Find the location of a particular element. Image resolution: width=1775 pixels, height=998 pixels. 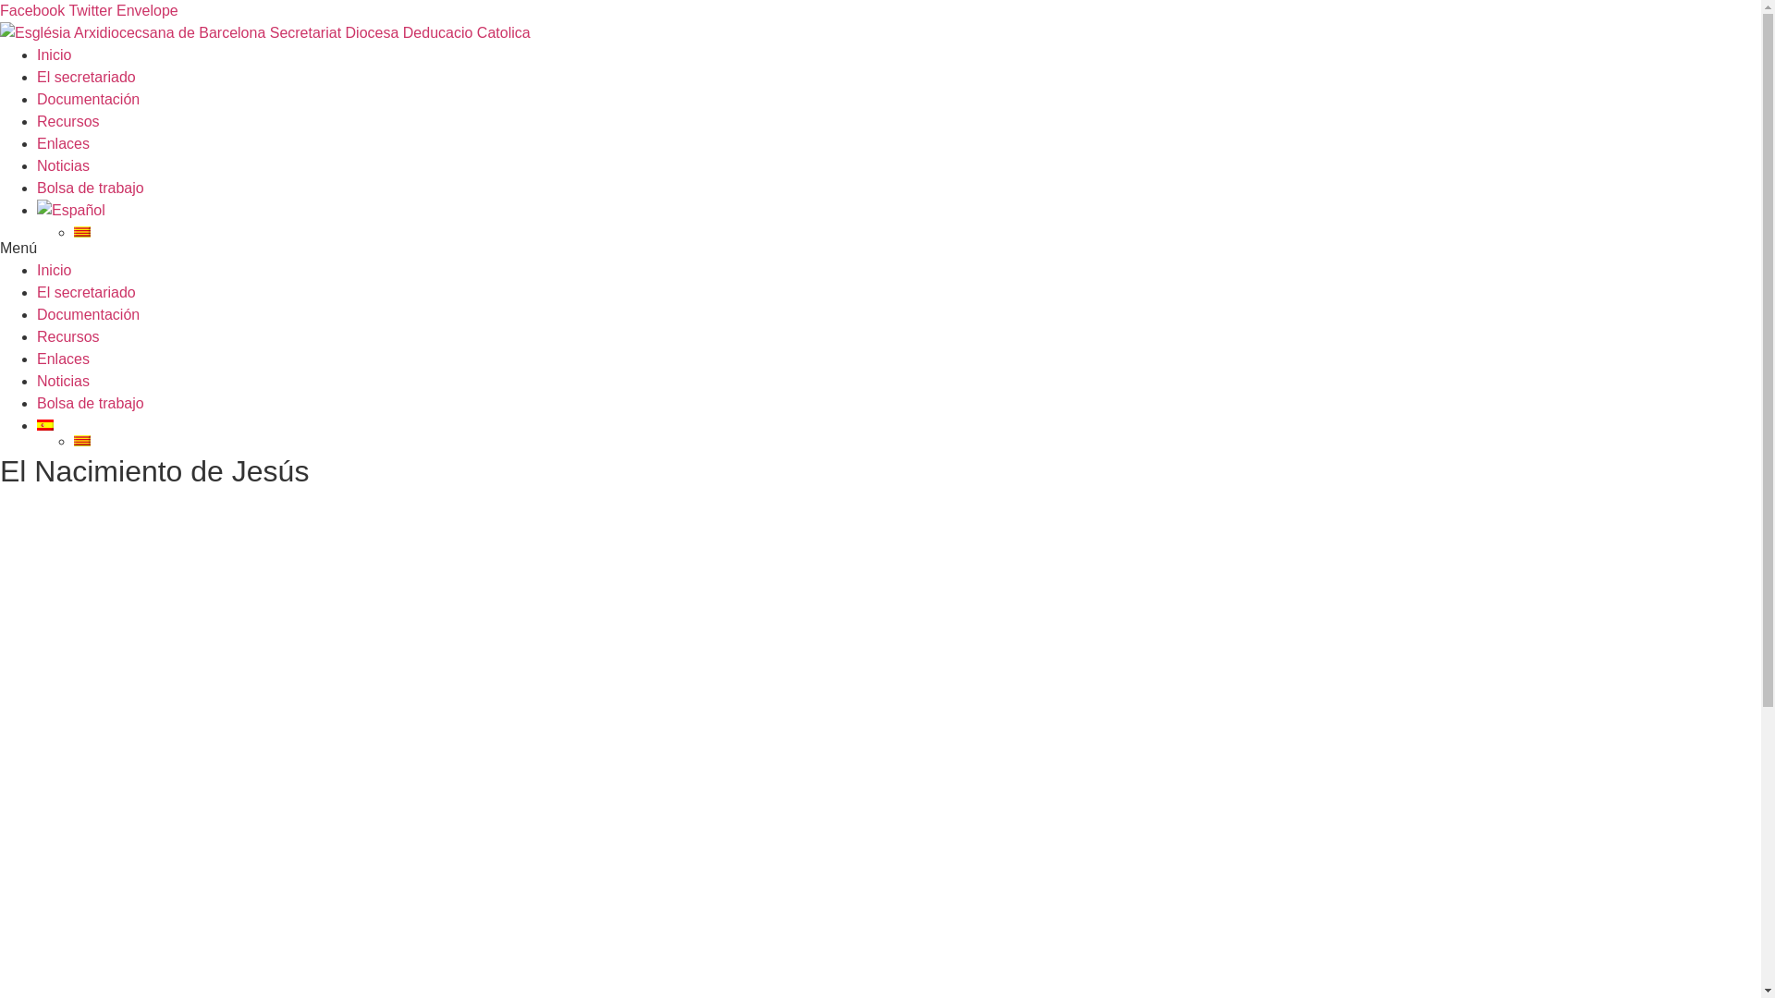

'Bolsa de trabajo' is located at coordinates (89, 188).